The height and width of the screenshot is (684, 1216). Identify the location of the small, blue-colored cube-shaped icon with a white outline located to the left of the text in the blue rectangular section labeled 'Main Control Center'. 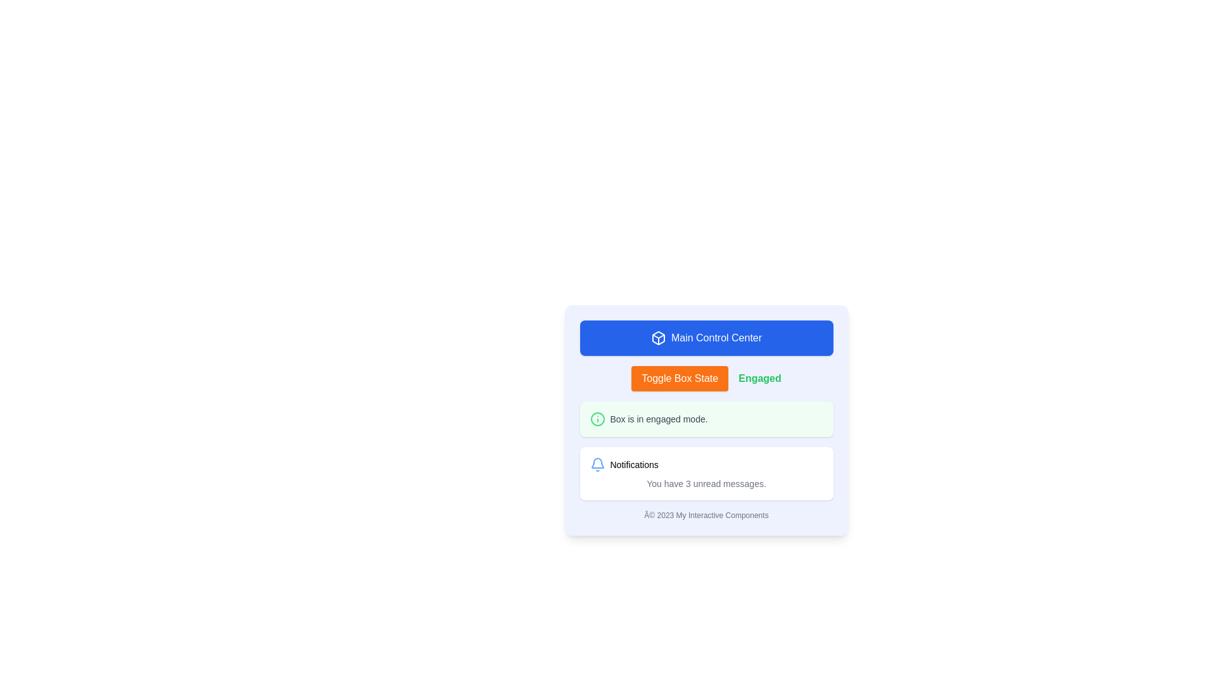
(658, 337).